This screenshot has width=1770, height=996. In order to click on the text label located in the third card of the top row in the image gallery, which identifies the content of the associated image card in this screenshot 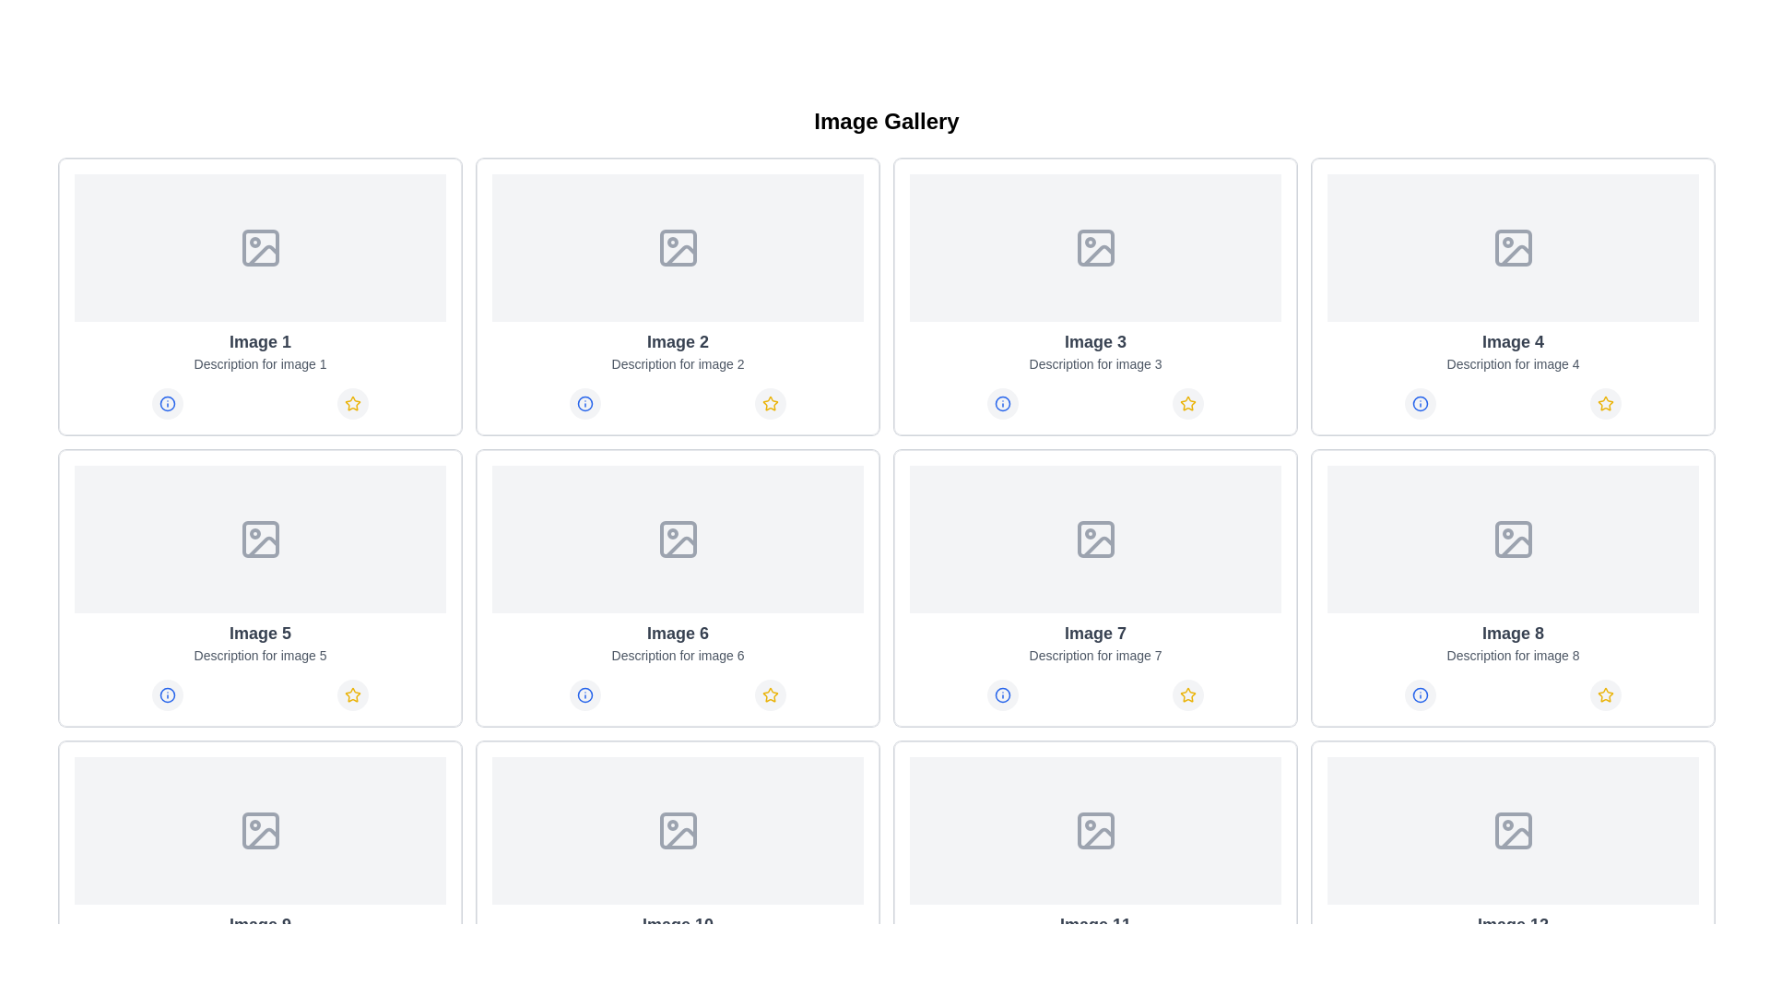, I will do `click(1095, 341)`.